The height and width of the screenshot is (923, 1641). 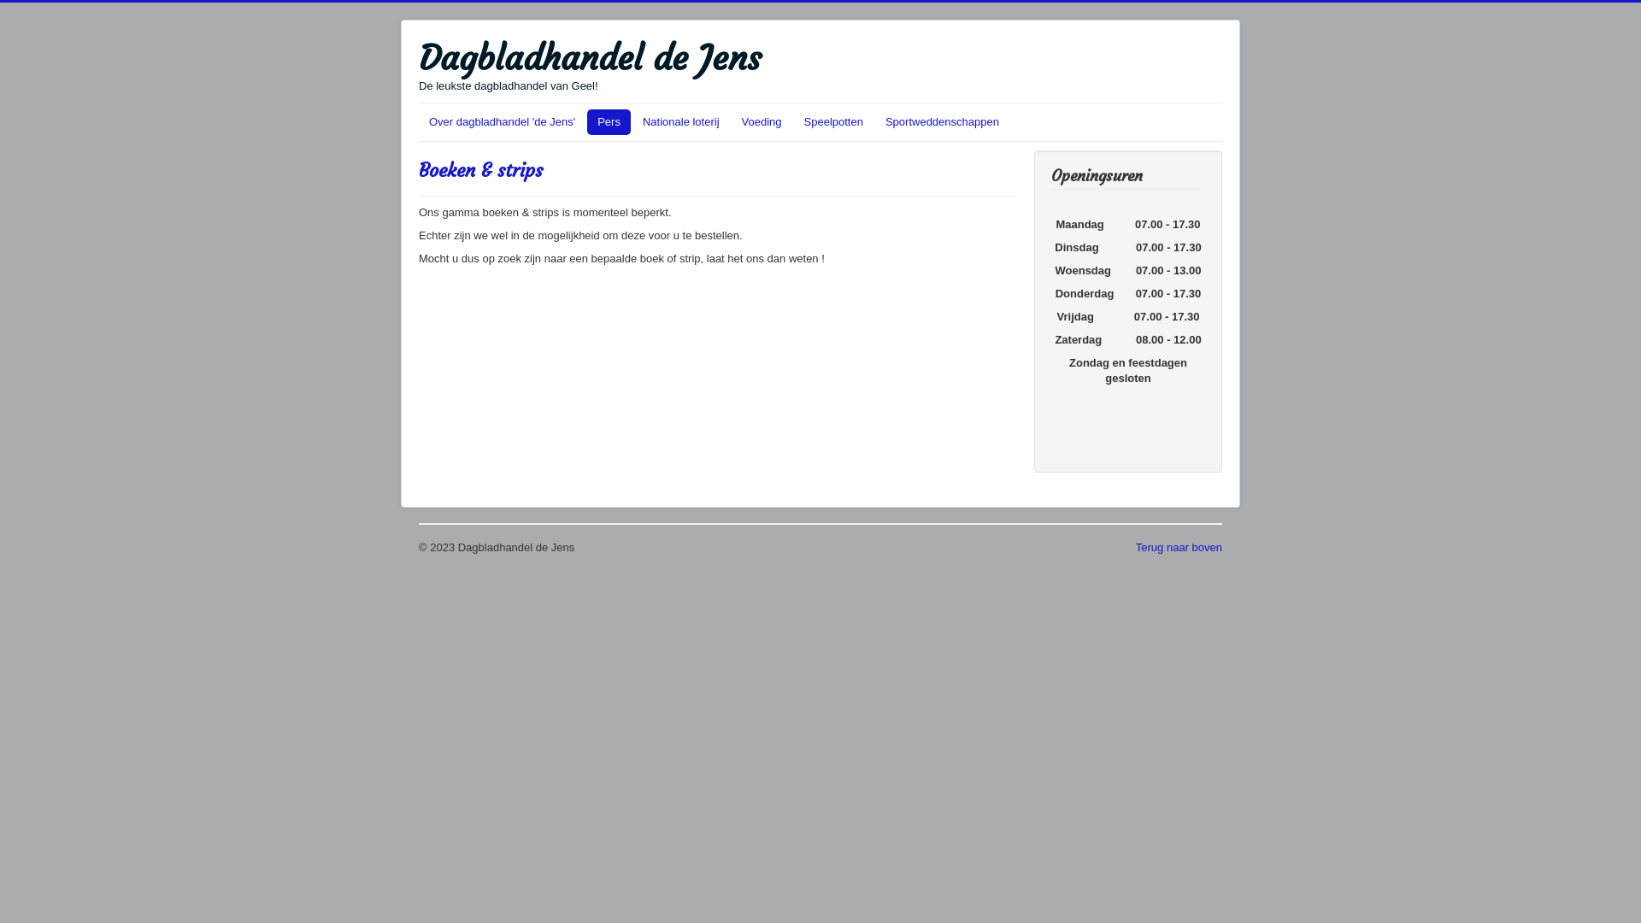 What do you see at coordinates (590, 65) in the screenshot?
I see `'Dagbladhandel de Jens` at bounding box center [590, 65].